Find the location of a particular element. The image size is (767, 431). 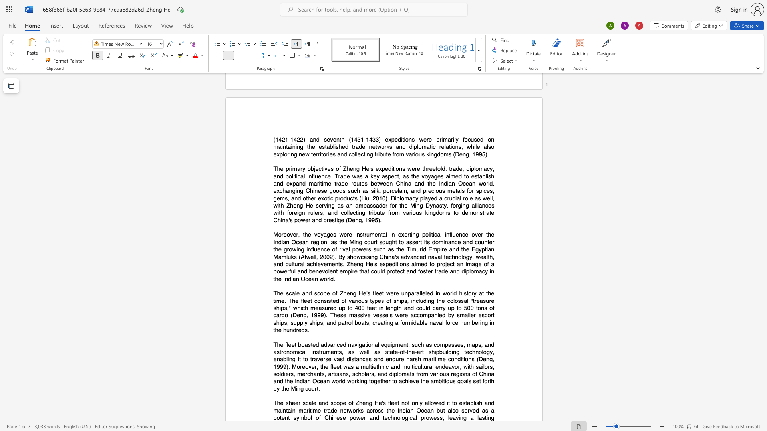

the subset text "aving" within the text "and maintain maritime trade networks across the Indian Ocean but also served as a potent symbol of Chinese power and technological prowess, leaving" is located at coordinates (452, 417).